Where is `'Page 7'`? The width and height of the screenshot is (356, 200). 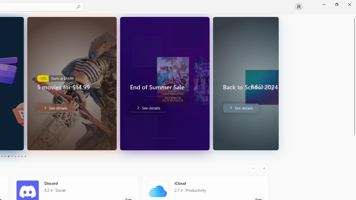
'Page 7' is located at coordinates (15, 156).